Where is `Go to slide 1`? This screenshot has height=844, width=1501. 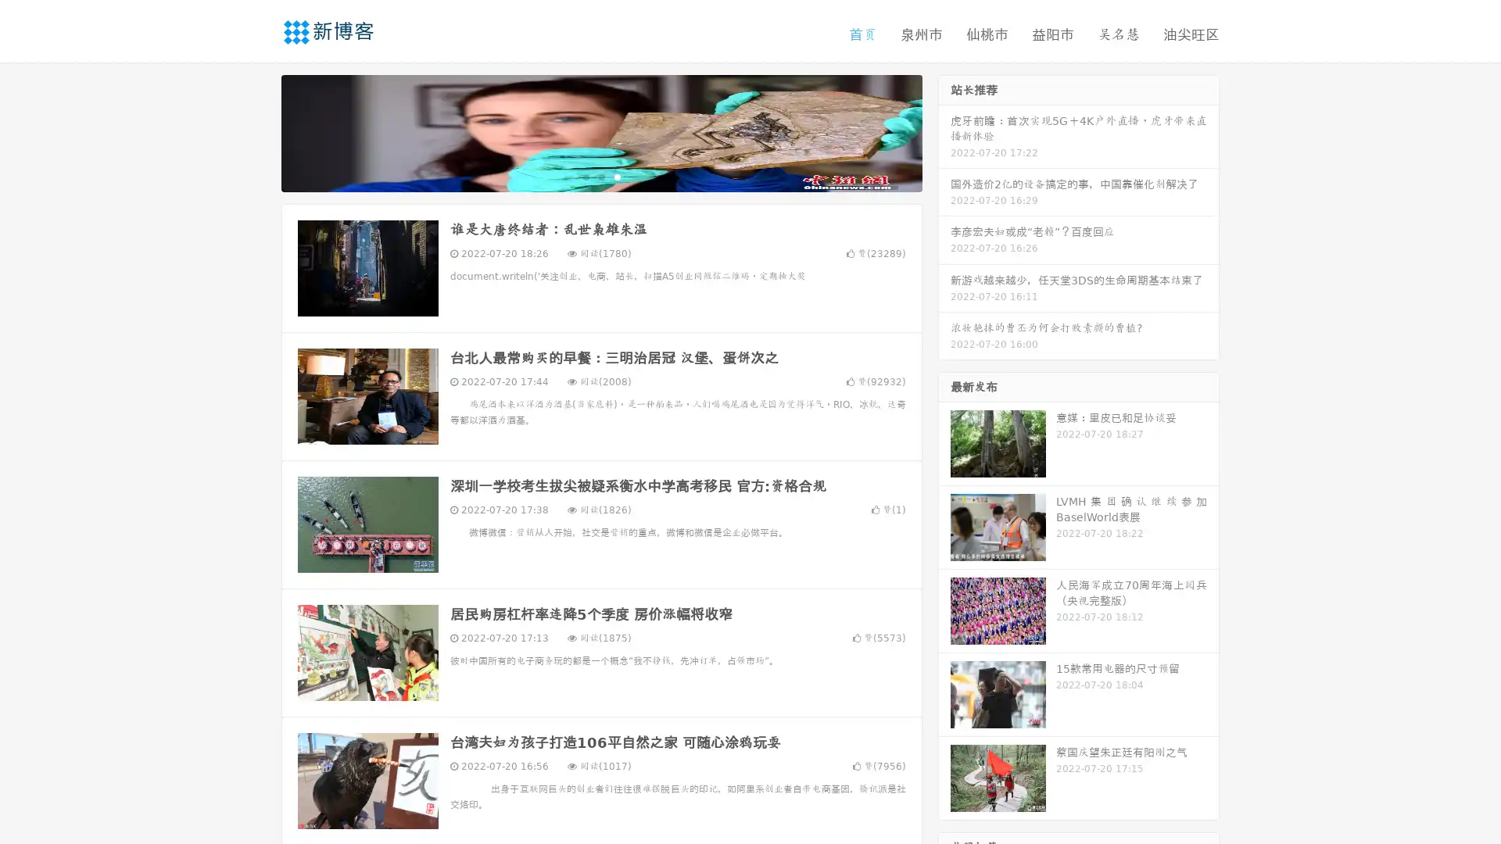 Go to slide 1 is located at coordinates (585, 176).